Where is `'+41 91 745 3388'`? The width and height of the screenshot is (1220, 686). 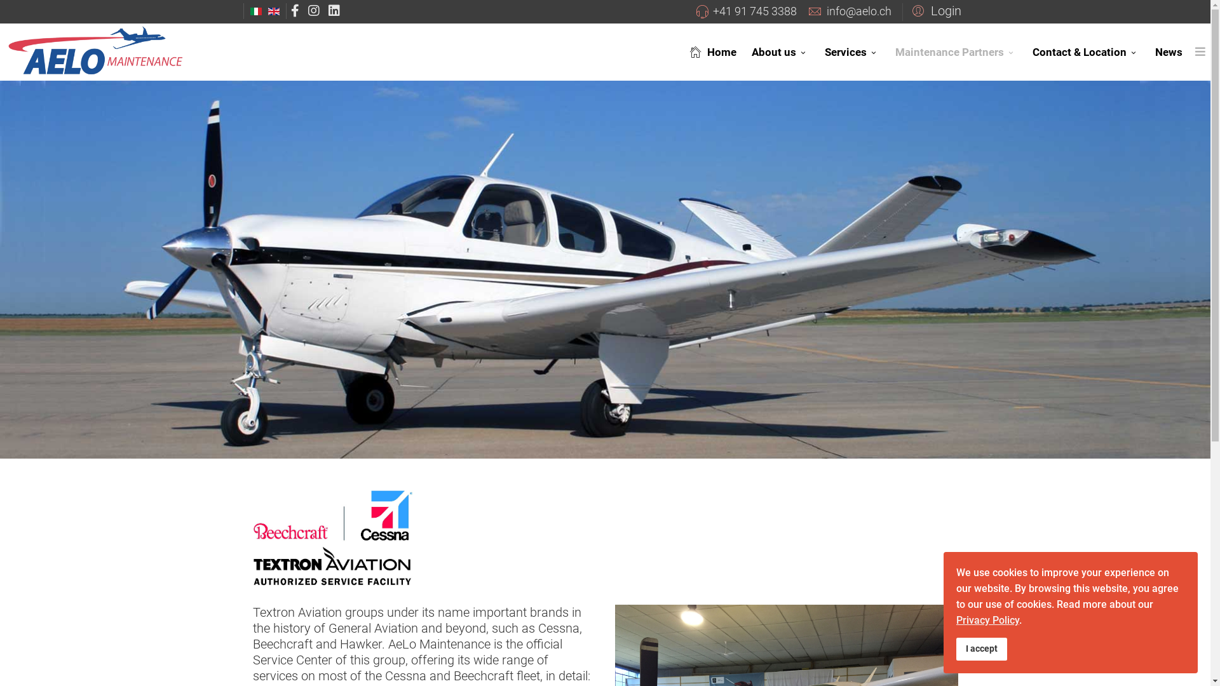
'+41 91 745 3388' is located at coordinates (754, 11).